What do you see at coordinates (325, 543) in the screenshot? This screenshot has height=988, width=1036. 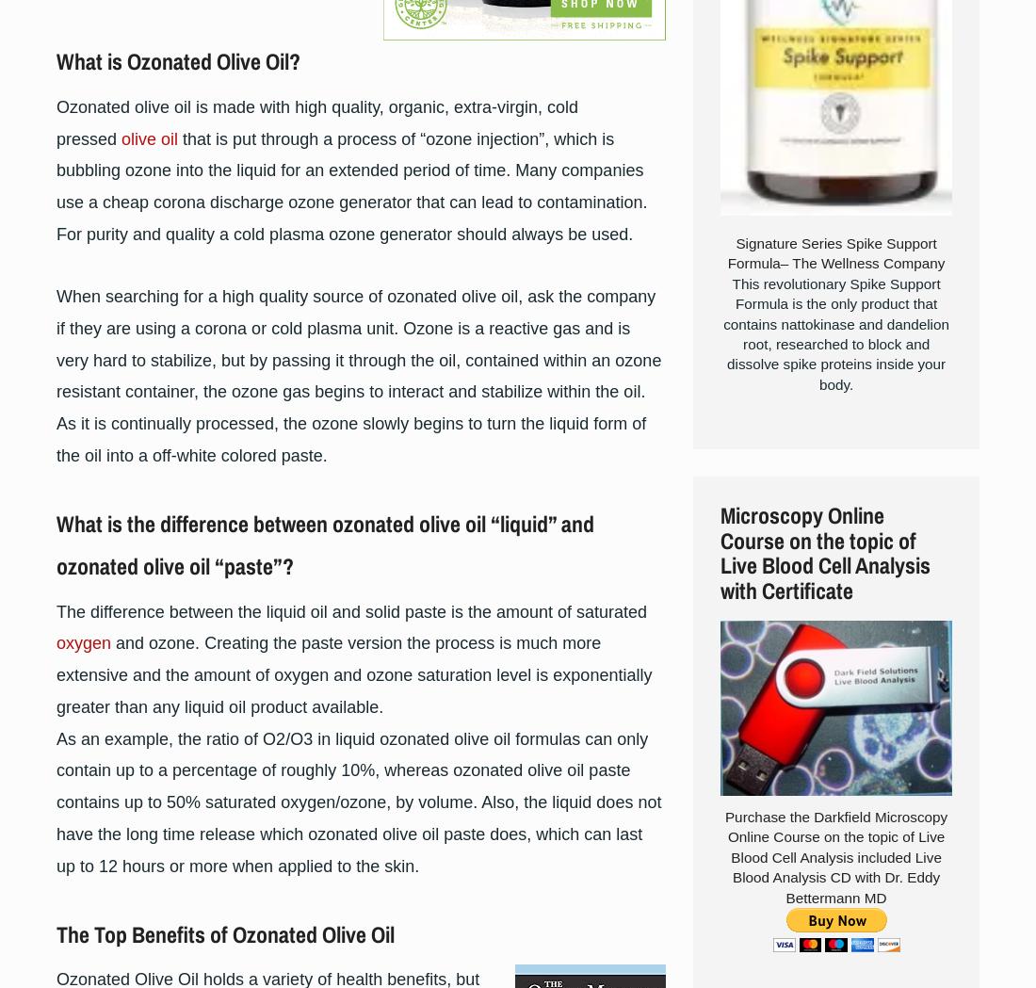 I see `'What is the difference between ozonated olive oil “liquid” and ozonated olive oil “paste”?'` at bounding box center [325, 543].